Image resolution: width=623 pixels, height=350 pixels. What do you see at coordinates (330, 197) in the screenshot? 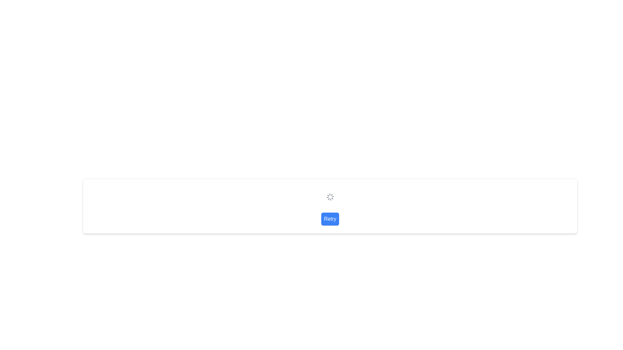
I see `the circular spinning loader that indicates progress or waiting state in the interface, located above the 'Retry' button` at bounding box center [330, 197].